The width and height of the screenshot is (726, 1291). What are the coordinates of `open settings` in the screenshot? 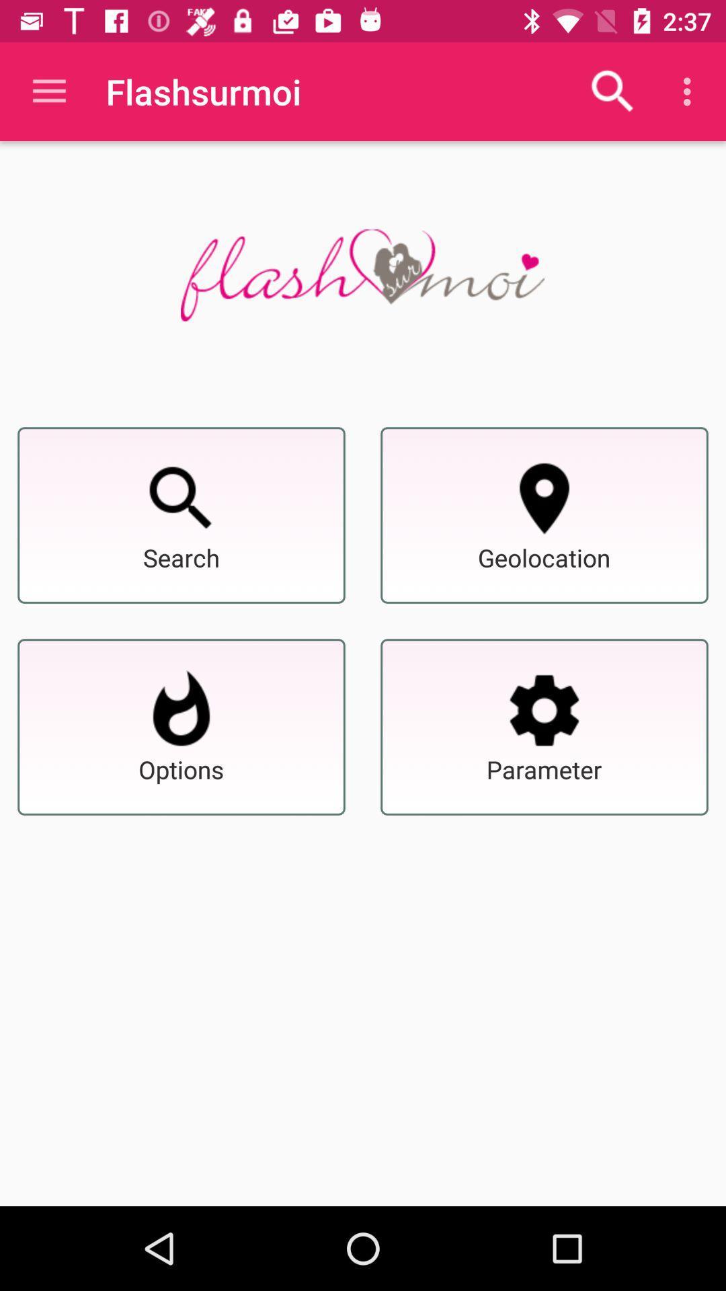 It's located at (544, 709).